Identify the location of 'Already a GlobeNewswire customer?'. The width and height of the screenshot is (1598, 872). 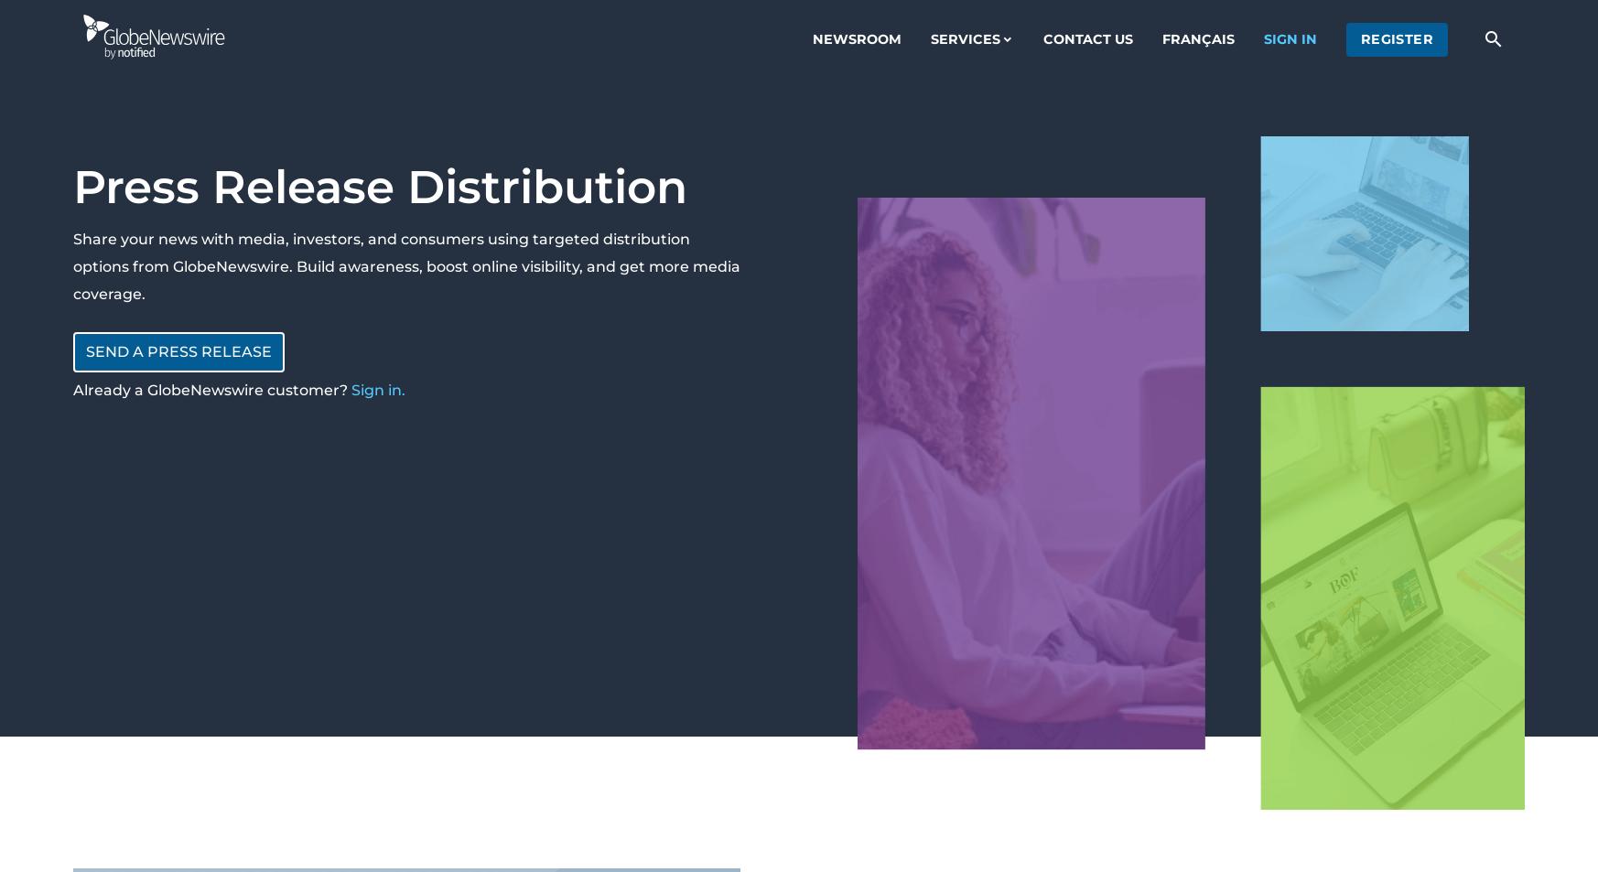
(211, 389).